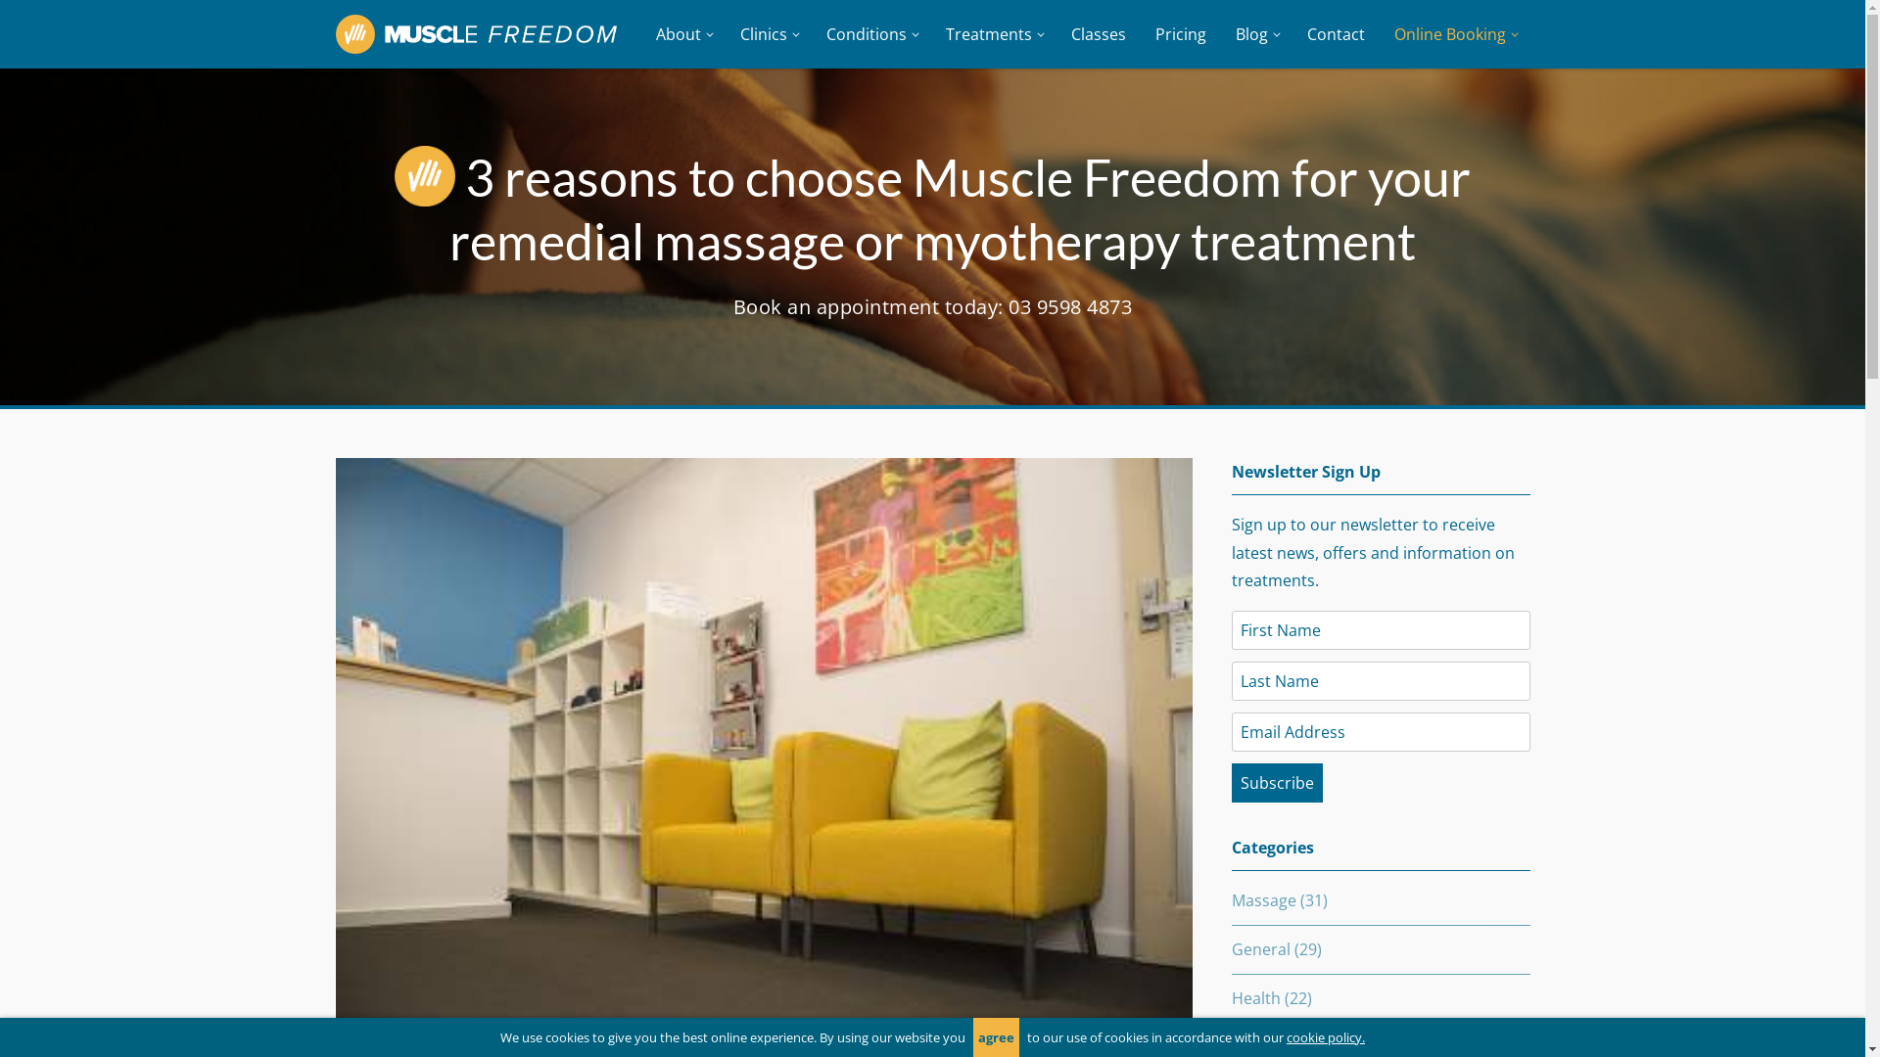 This screenshot has height=1057, width=1880. Describe the element at coordinates (1219, 33) in the screenshot. I see `'Blog'` at that location.